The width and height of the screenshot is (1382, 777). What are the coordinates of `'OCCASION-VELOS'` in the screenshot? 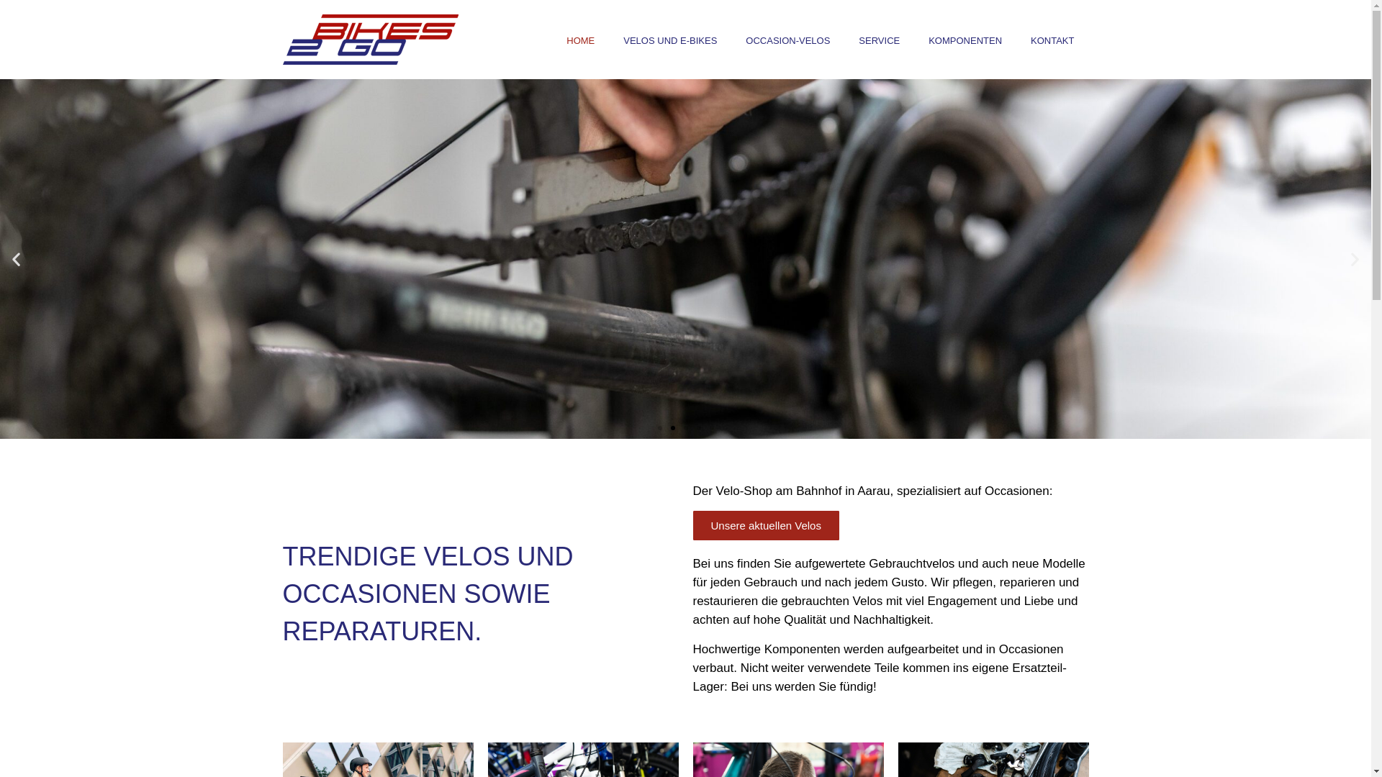 It's located at (787, 40).